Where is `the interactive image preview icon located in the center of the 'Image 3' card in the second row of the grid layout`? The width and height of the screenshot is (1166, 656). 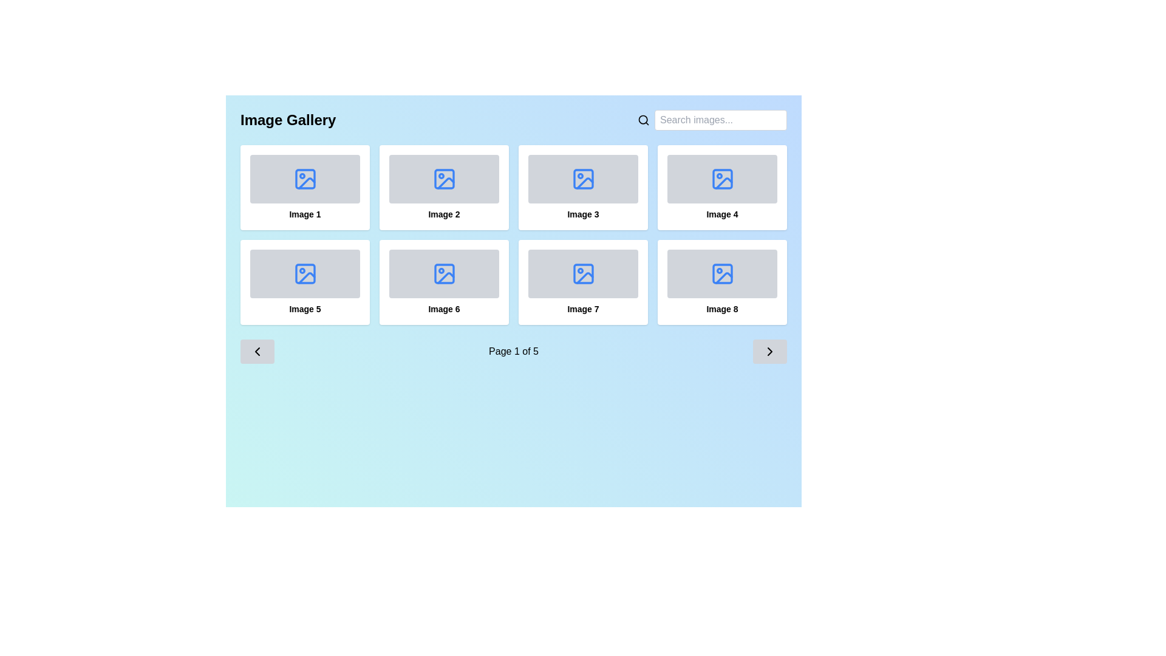 the interactive image preview icon located in the center of the 'Image 3' card in the second row of the grid layout is located at coordinates (583, 179).